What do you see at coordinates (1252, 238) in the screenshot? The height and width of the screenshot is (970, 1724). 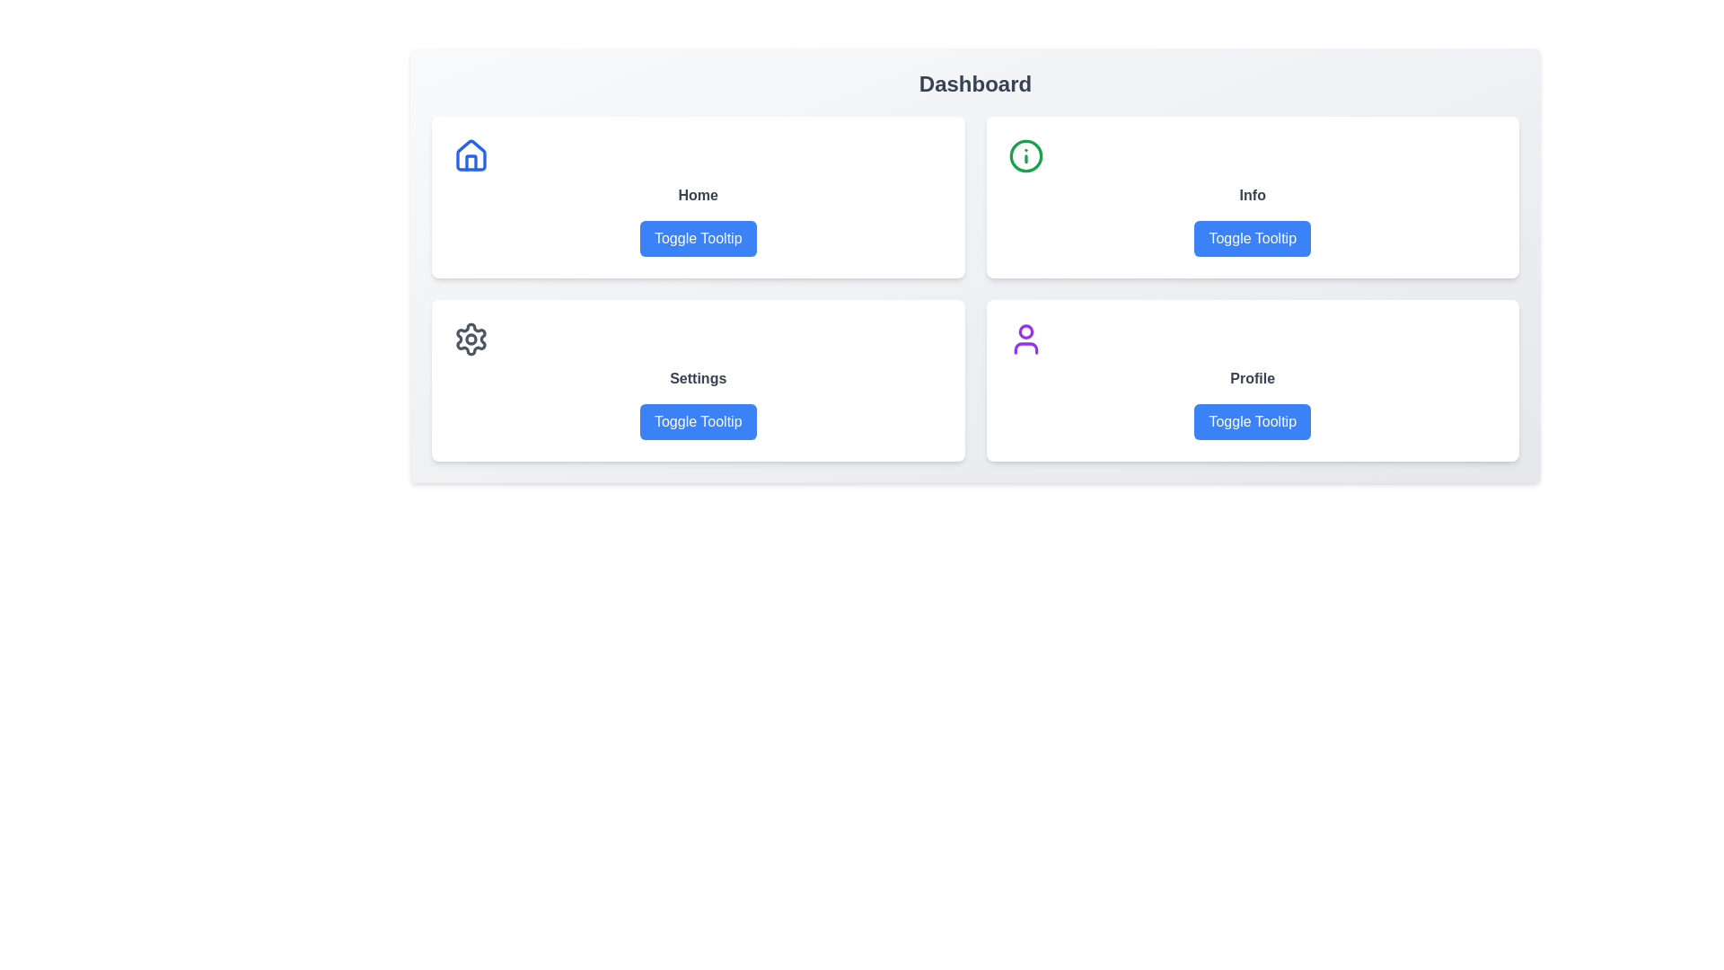 I see `the button centered beneath the 'Info' text label` at bounding box center [1252, 238].